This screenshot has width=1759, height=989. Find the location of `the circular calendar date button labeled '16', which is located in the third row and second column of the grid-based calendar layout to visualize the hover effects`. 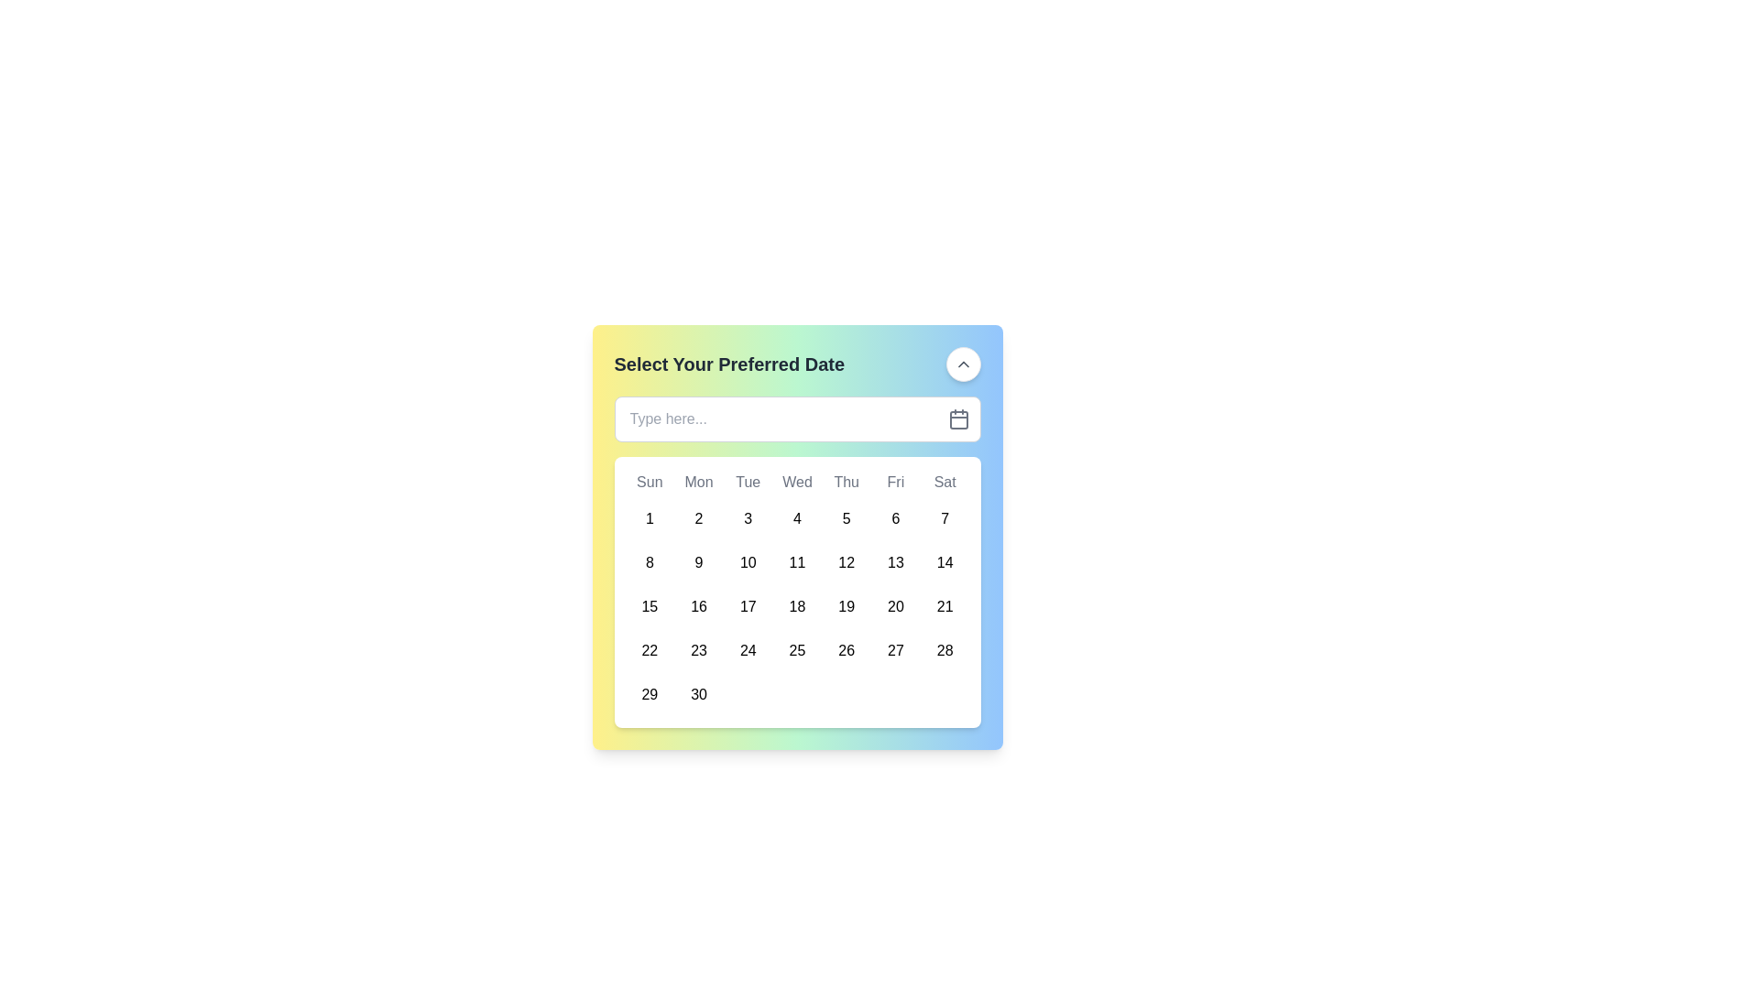

the circular calendar date button labeled '16', which is located in the third row and second column of the grid-based calendar layout to visualize the hover effects is located at coordinates (698, 607).